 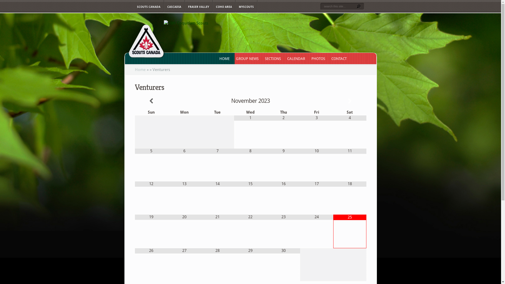 I want to click on 'HOME', so click(x=224, y=58).